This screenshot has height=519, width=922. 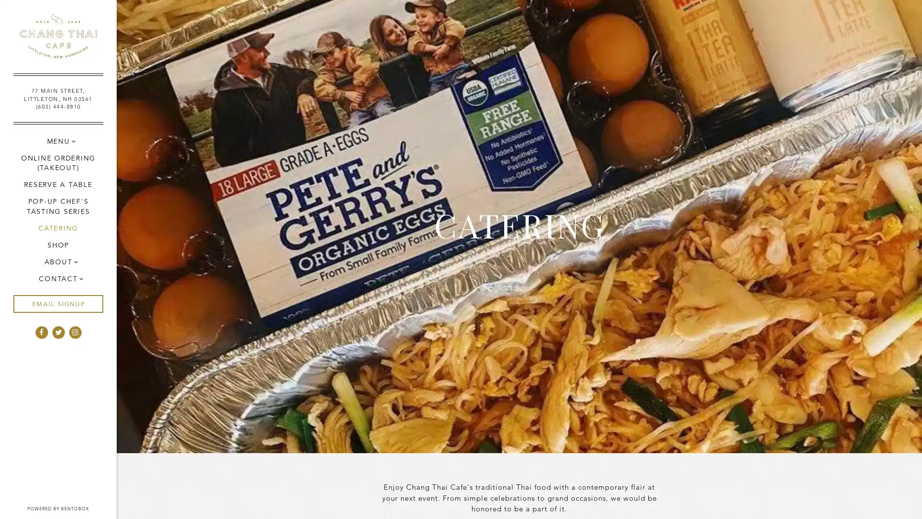 What do you see at coordinates (57, 141) in the screenshot?
I see `MENU` at bounding box center [57, 141].